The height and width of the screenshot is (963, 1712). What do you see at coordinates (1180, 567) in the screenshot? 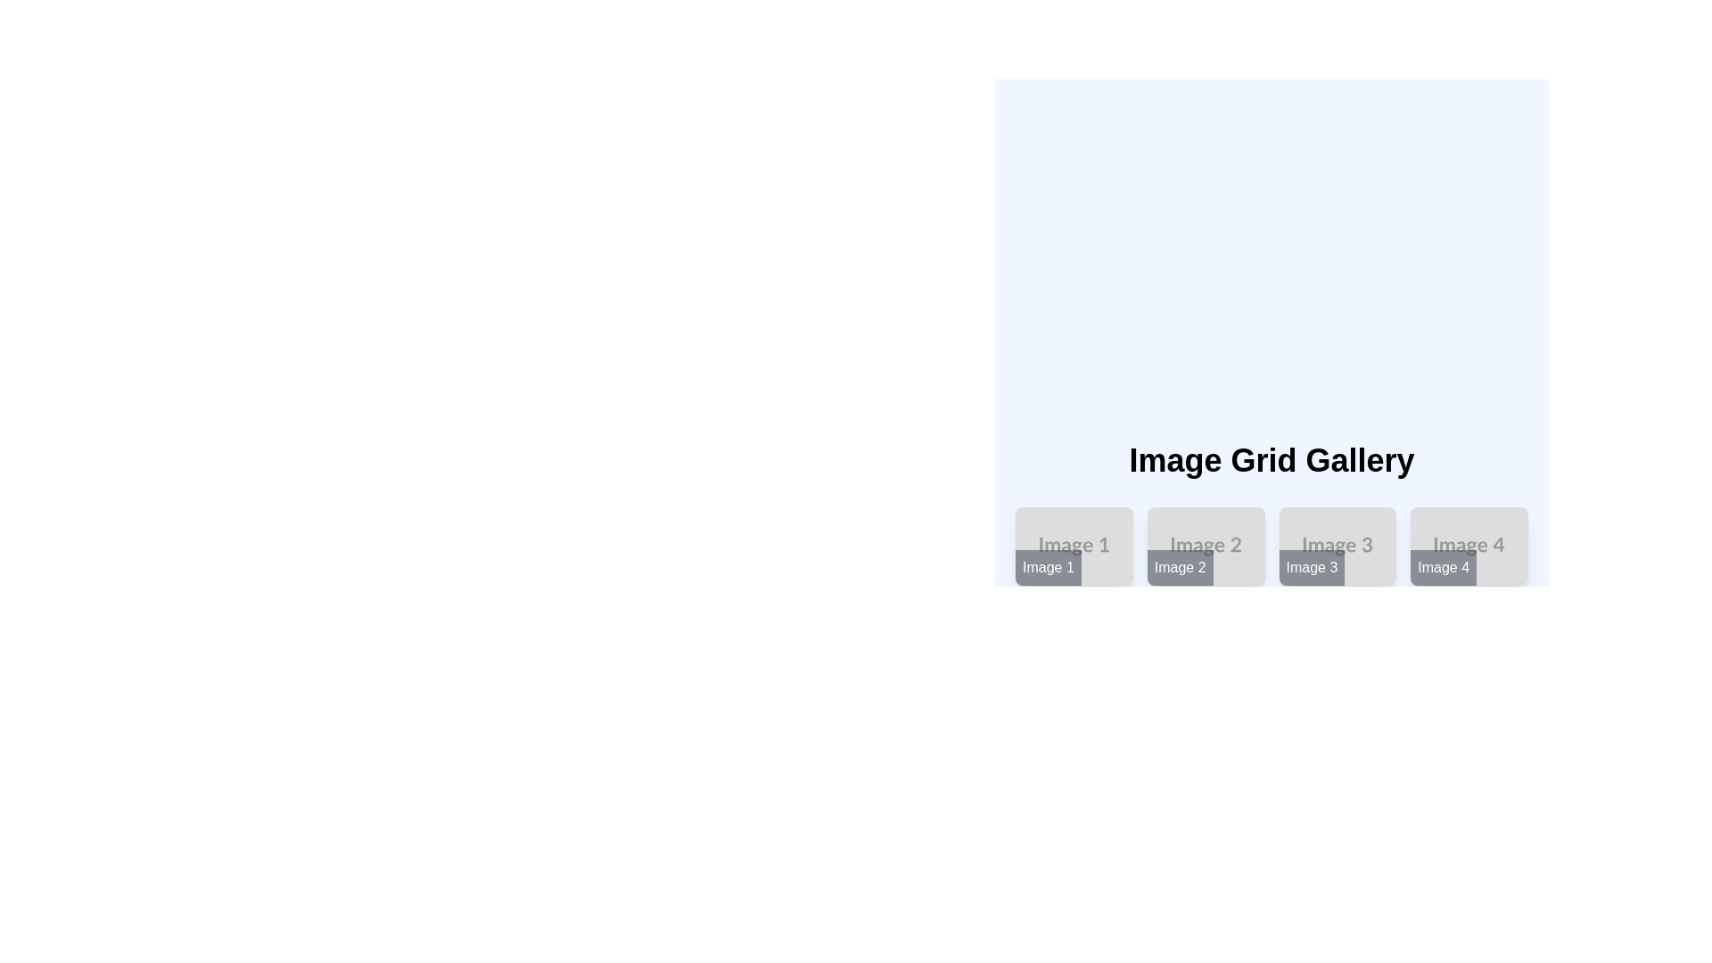
I see `the descriptive label 'Image 2' located at the bottom-left corner of the associated image in the second slot of the horizontally arranged grid gallery` at bounding box center [1180, 567].